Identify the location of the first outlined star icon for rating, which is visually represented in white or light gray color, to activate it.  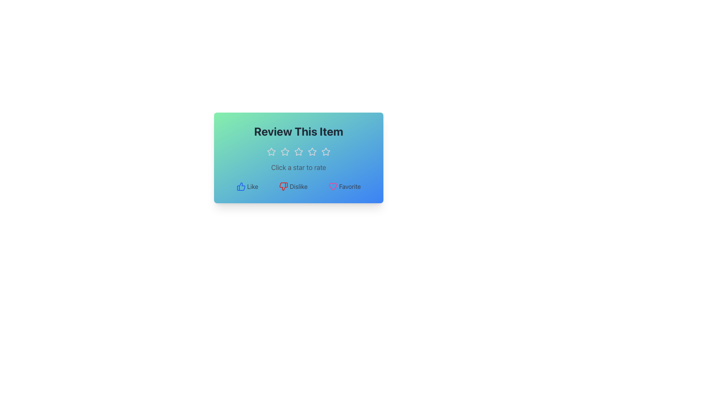
(271, 151).